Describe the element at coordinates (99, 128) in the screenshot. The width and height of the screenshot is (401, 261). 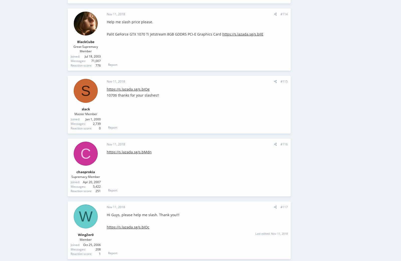
I see `'0'` at that location.